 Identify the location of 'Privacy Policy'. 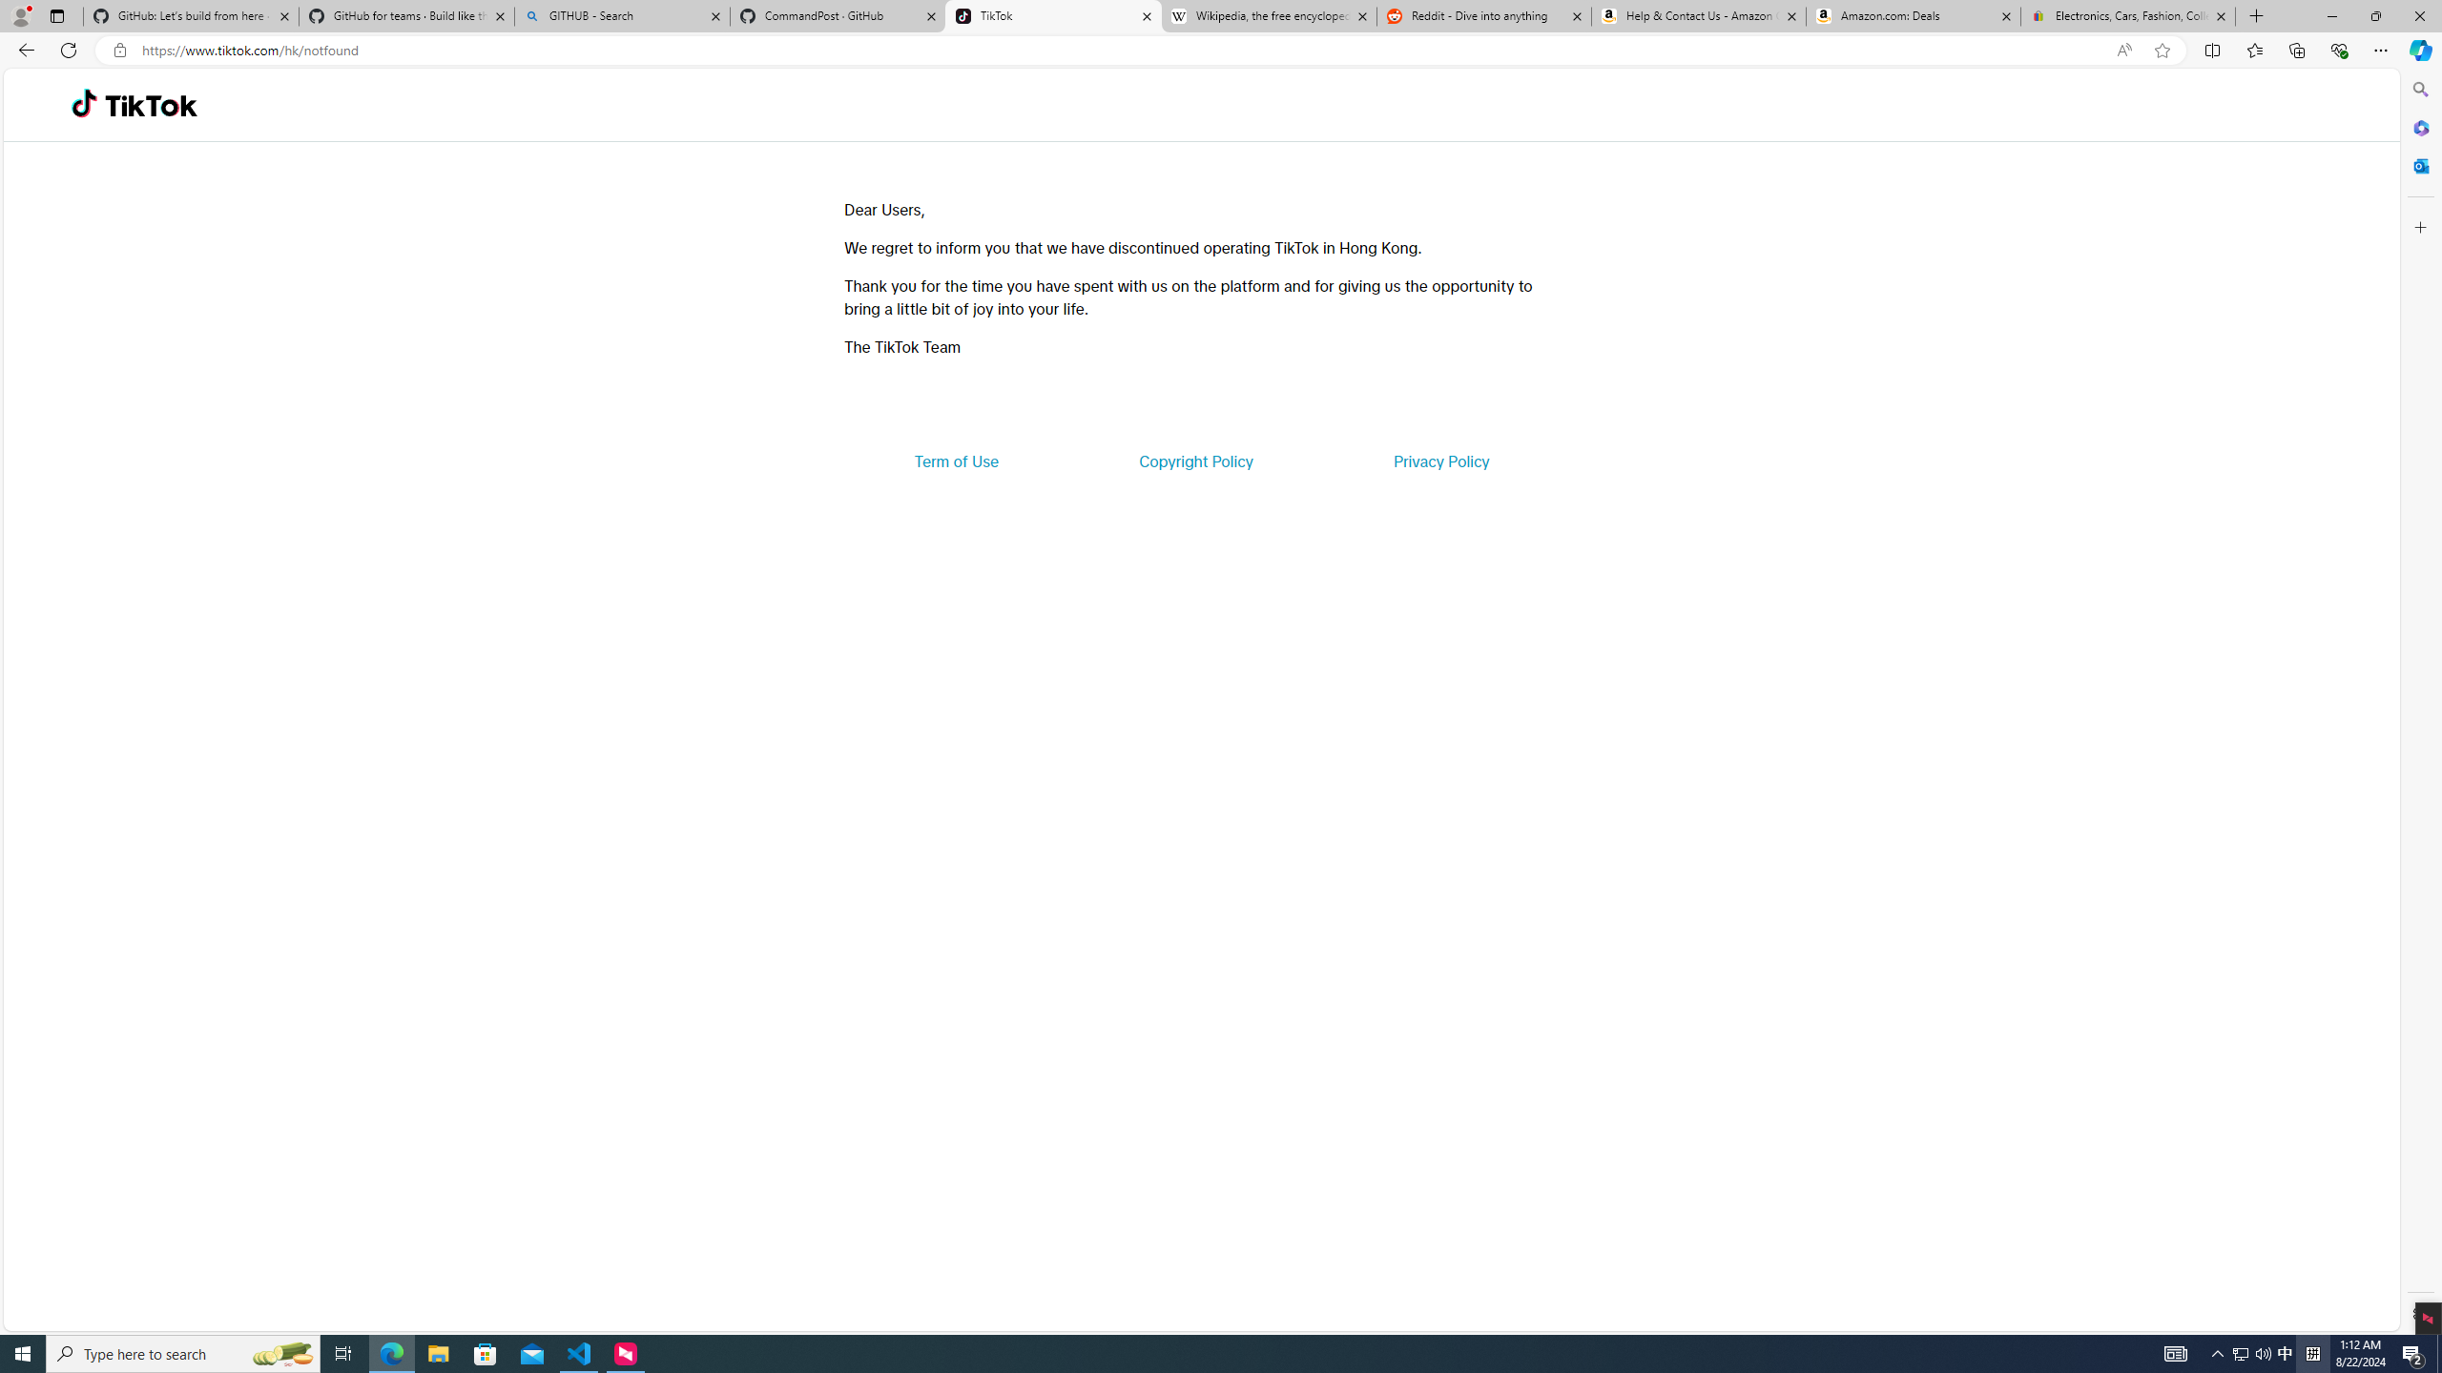
(1439, 460).